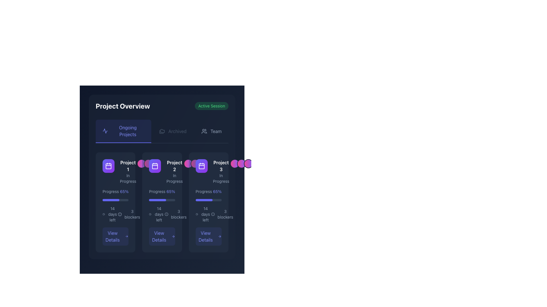 Image resolution: width=547 pixels, height=307 pixels. What do you see at coordinates (159, 237) in the screenshot?
I see `the text label within the button located at the bottom-middle of the card representing 'Project 2'` at bounding box center [159, 237].